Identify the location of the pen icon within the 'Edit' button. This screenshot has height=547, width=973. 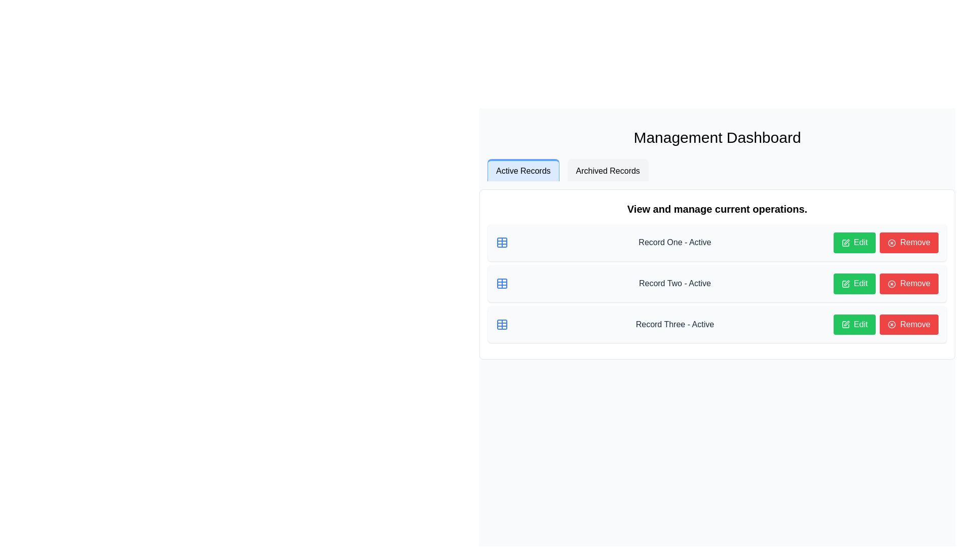
(845, 284).